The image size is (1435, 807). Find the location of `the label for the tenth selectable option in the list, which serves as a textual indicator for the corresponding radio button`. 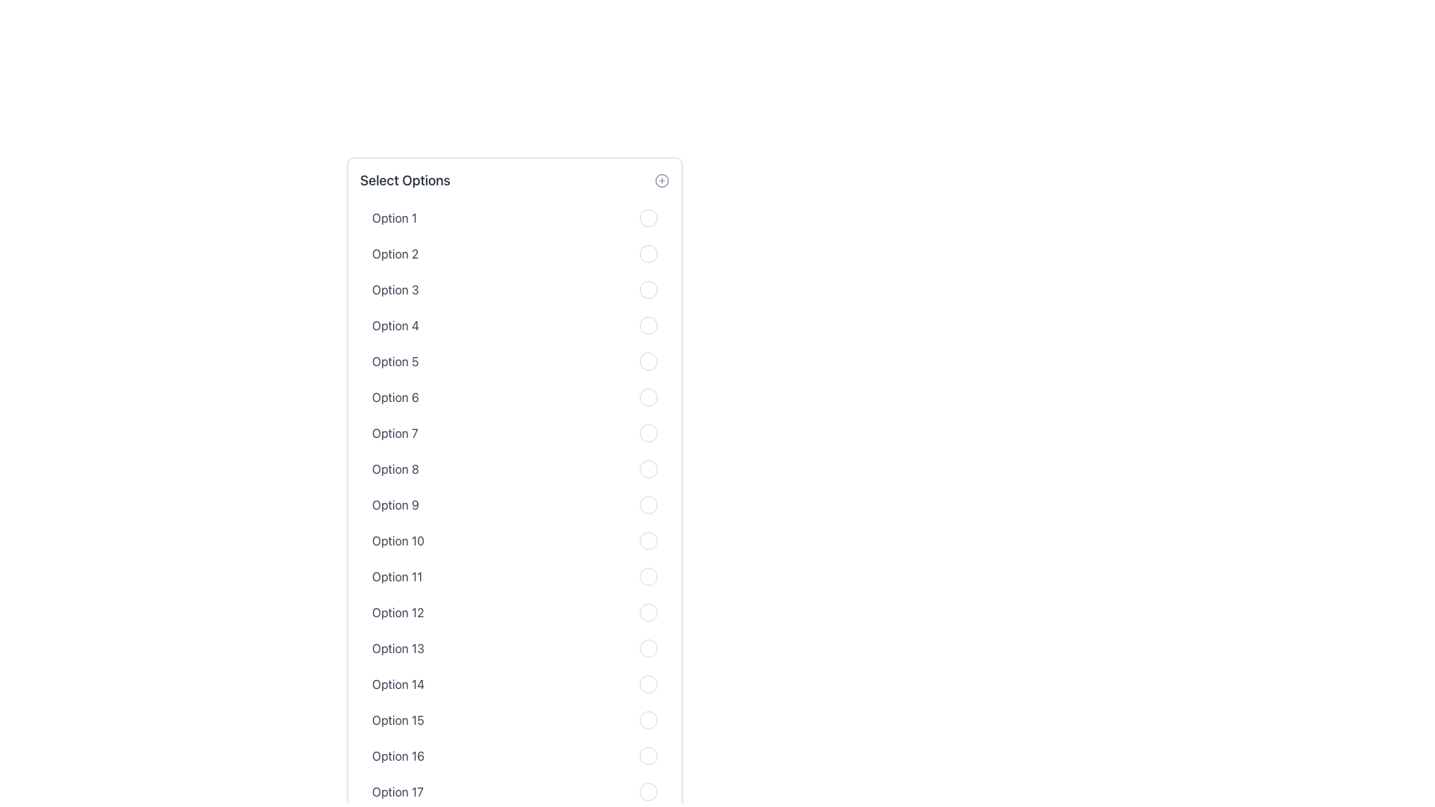

the label for the tenth selectable option in the list, which serves as a textual indicator for the corresponding radio button is located at coordinates (398, 541).